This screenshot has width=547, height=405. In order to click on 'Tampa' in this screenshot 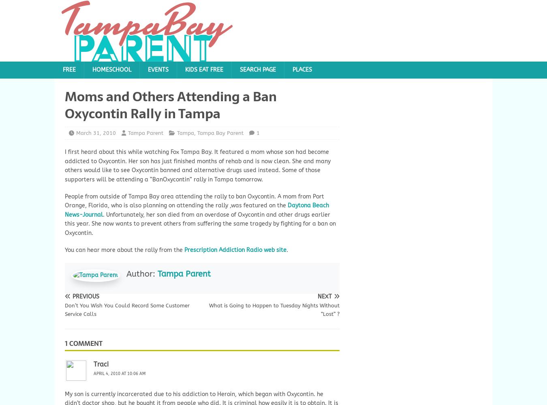, I will do `click(185, 132)`.